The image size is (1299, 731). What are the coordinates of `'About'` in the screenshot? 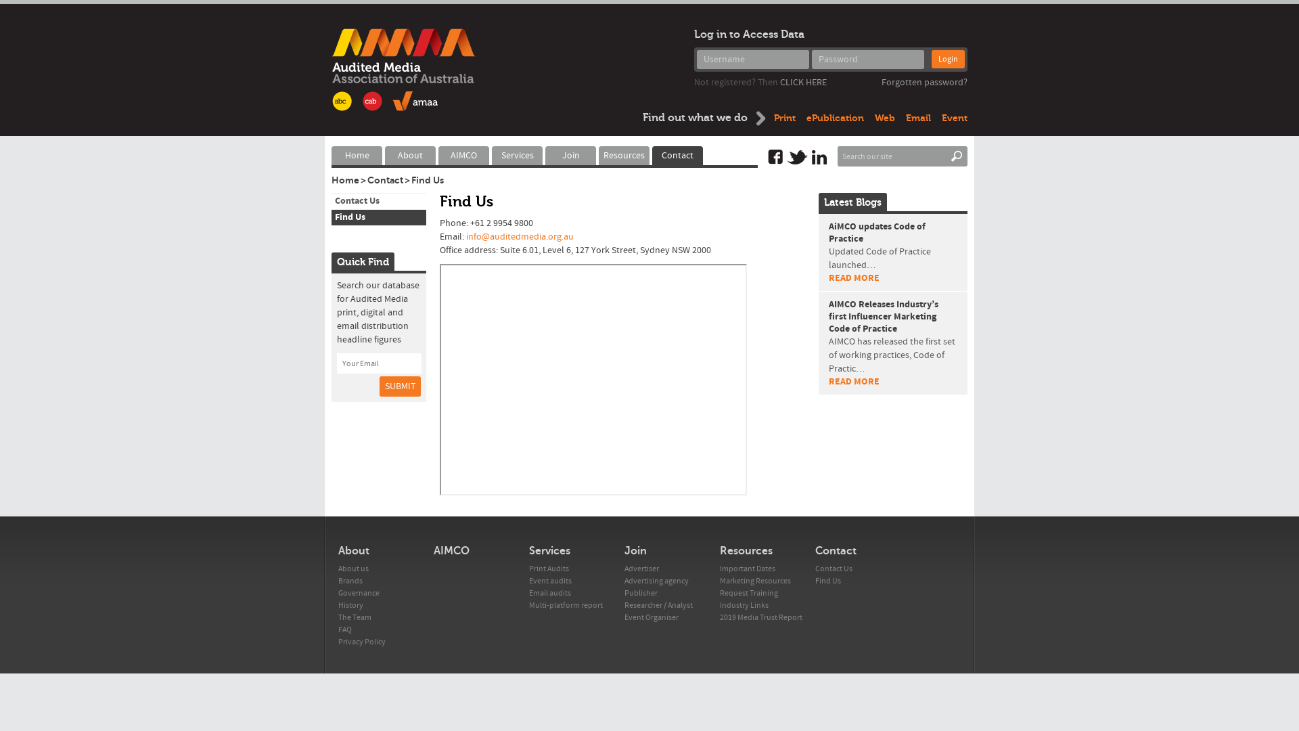 It's located at (409, 155).